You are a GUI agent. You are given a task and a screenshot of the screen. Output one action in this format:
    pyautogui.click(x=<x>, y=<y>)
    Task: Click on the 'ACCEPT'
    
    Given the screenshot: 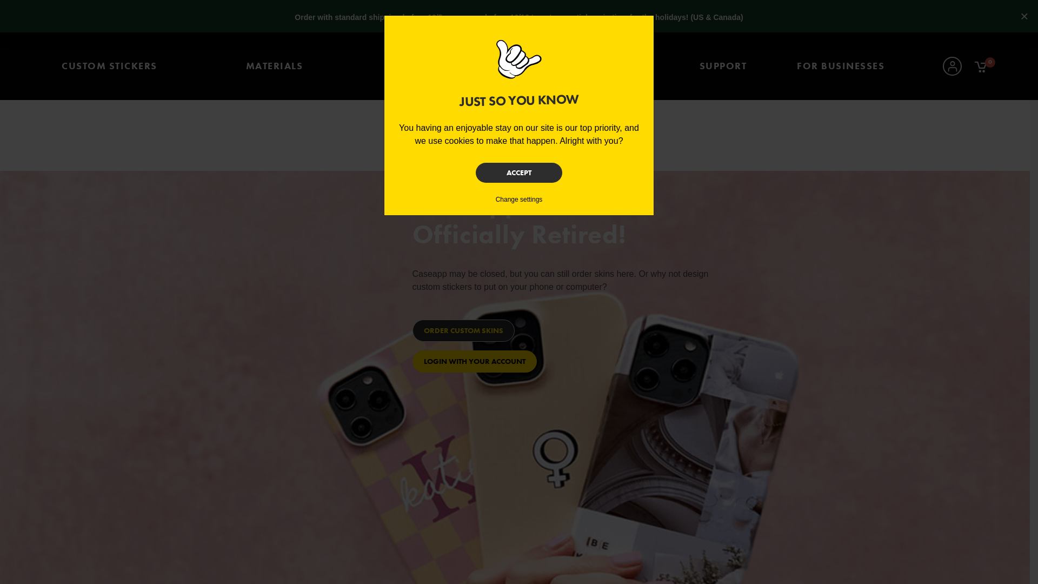 What is the action you would take?
    pyautogui.click(x=519, y=172)
    